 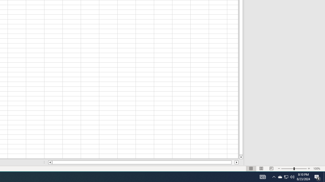 What do you see at coordinates (274, 176) in the screenshot?
I see `'AutomationID: 4105'` at bounding box center [274, 176].